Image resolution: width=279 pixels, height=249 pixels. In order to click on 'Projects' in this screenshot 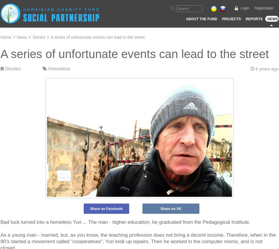, I will do `click(231, 19)`.